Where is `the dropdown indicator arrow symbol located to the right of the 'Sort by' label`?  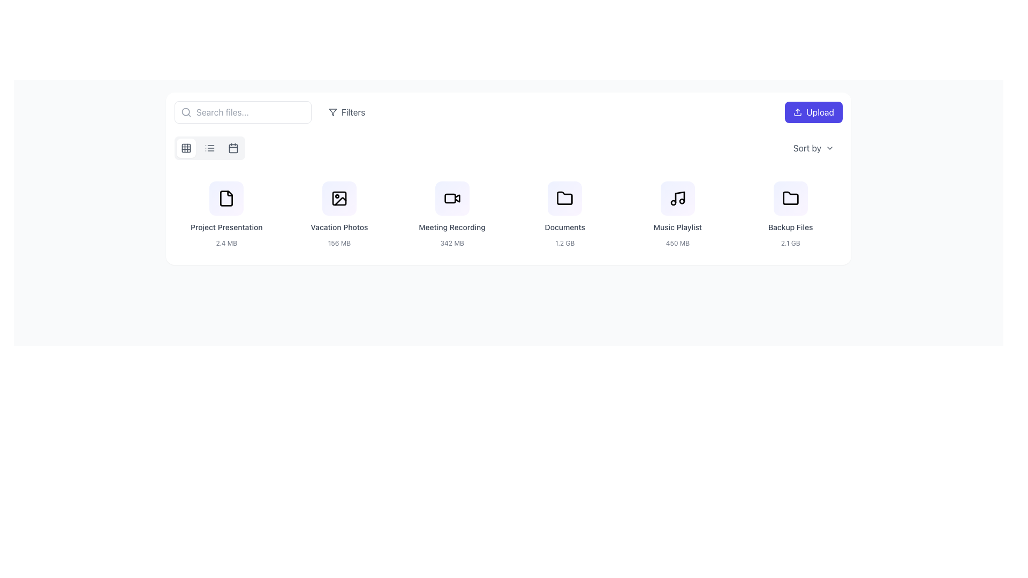
the dropdown indicator arrow symbol located to the right of the 'Sort by' label is located at coordinates (829, 148).